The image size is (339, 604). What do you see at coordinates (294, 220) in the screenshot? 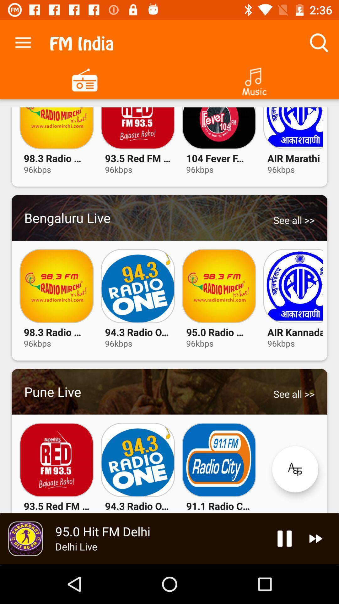
I see `the first button see all on the web page` at bounding box center [294, 220].